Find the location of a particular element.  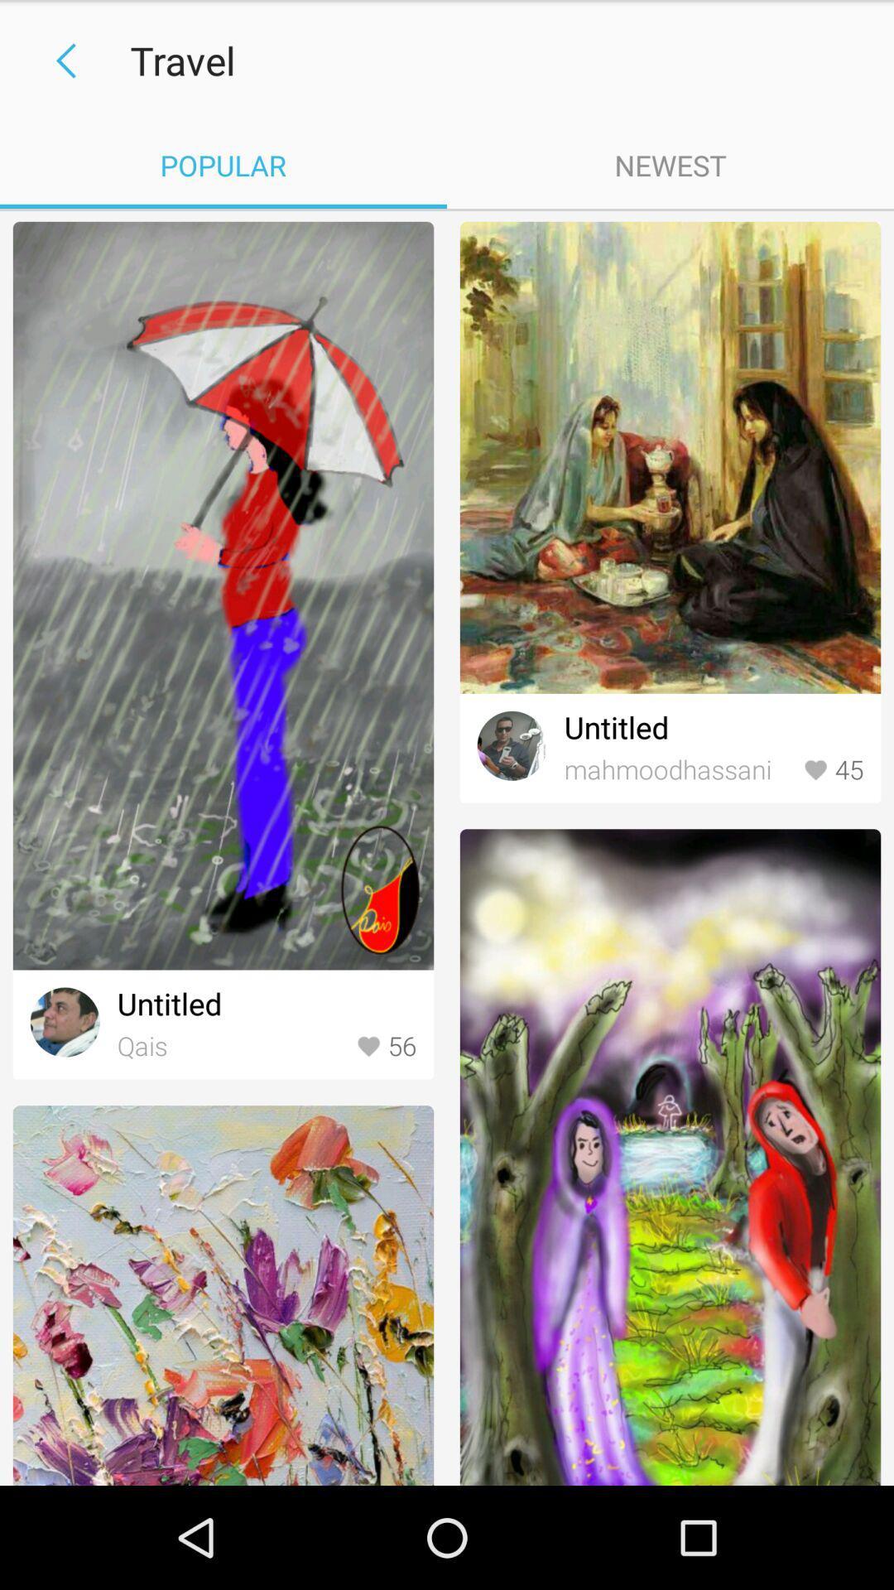

the item to the left of travel item is located at coordinates (60, 60).